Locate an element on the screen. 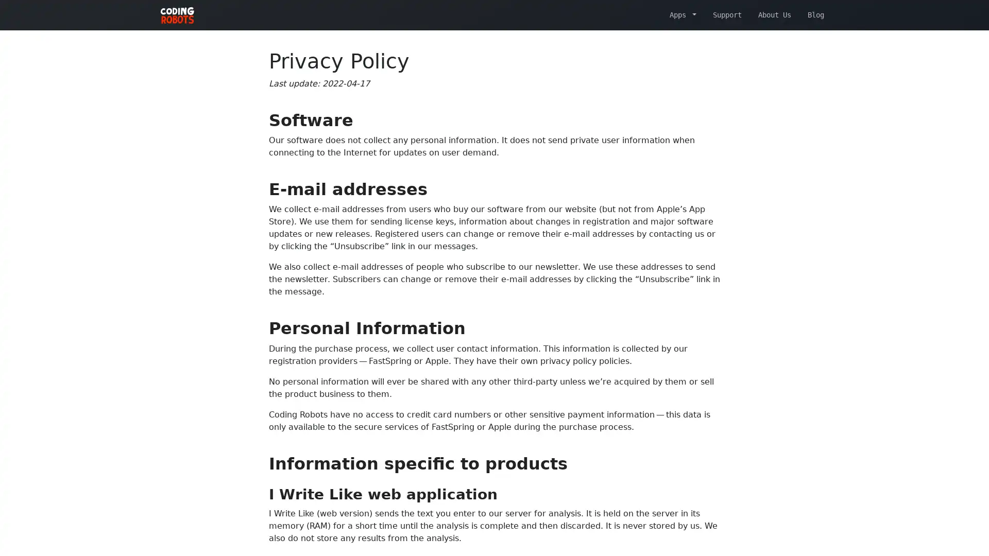  Apps is located at coordinates (683, 14).